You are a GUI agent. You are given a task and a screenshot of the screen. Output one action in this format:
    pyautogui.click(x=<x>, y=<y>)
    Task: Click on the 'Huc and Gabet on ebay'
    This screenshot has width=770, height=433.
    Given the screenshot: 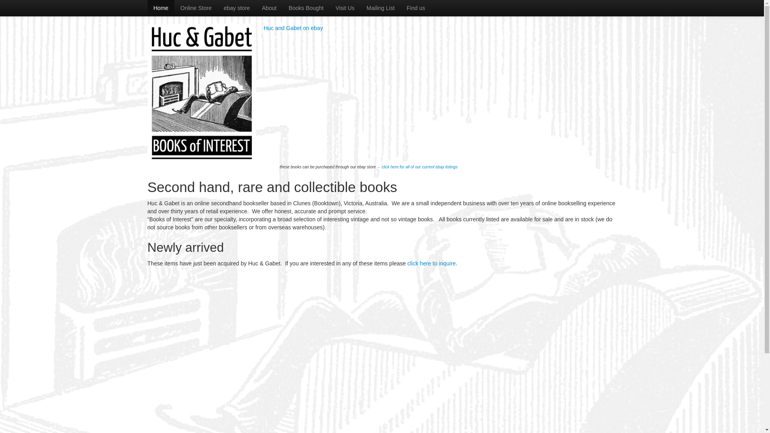 What is the action you would take?
    pyautogui.click(x=263, y=27)
    